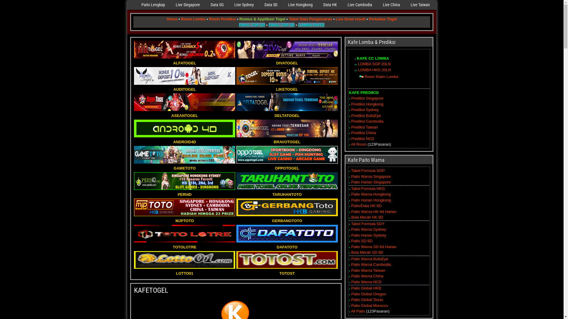 This screenshot has width=568, height=319. What do you see at coordinates (184, 128) in the screenshot?
I see `'Bandar Judi Online Terpercaya android4d'` at bounding box center [184, 128].